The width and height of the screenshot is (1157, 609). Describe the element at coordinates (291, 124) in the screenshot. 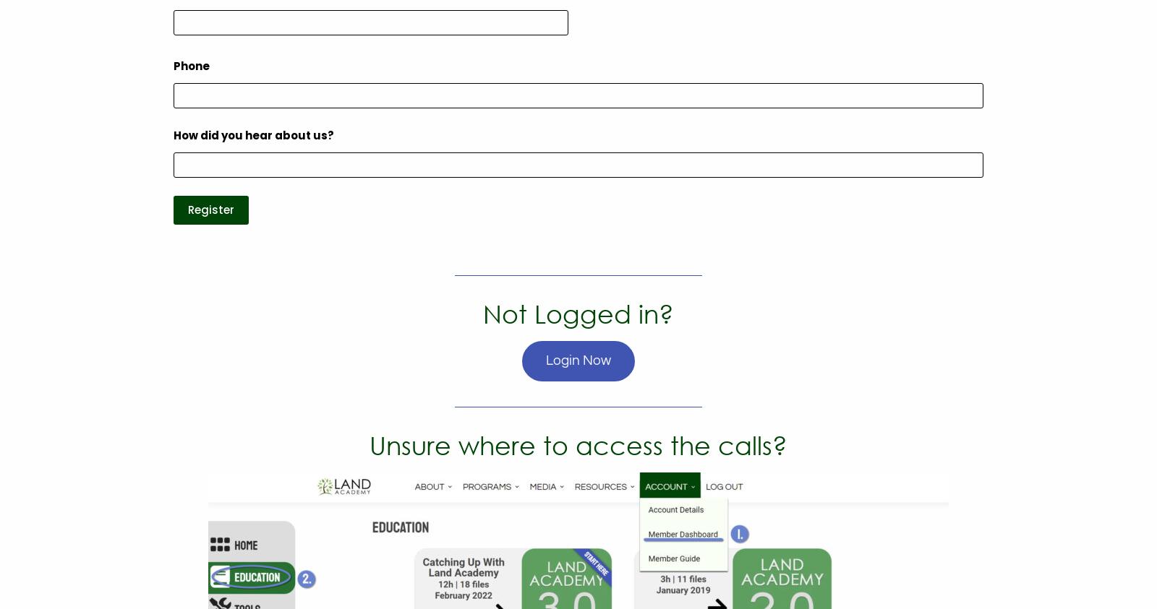

I see `'Podcast'` at that location.